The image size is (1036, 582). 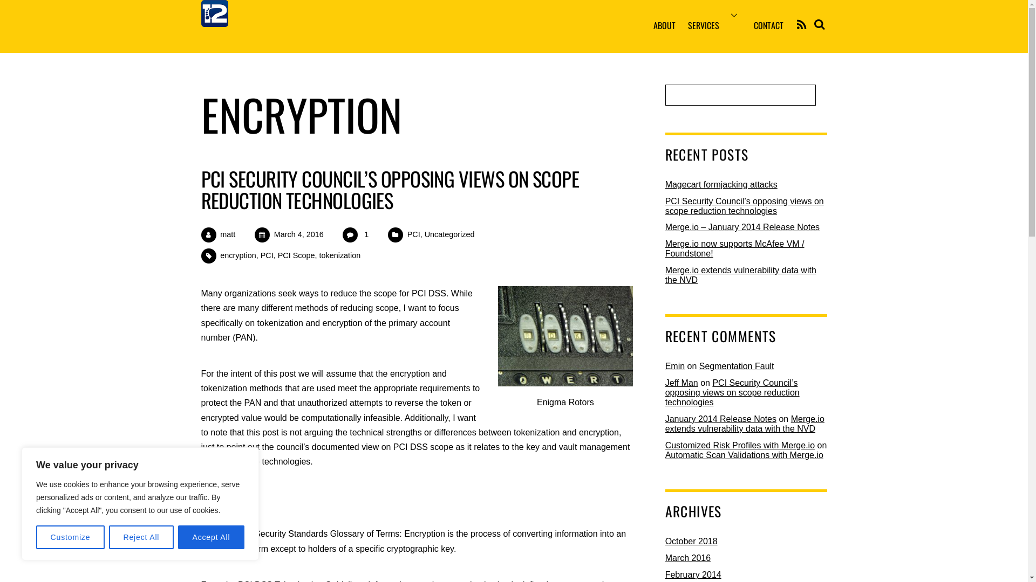 I want to click on 'matt', so click(x=227, y=234).